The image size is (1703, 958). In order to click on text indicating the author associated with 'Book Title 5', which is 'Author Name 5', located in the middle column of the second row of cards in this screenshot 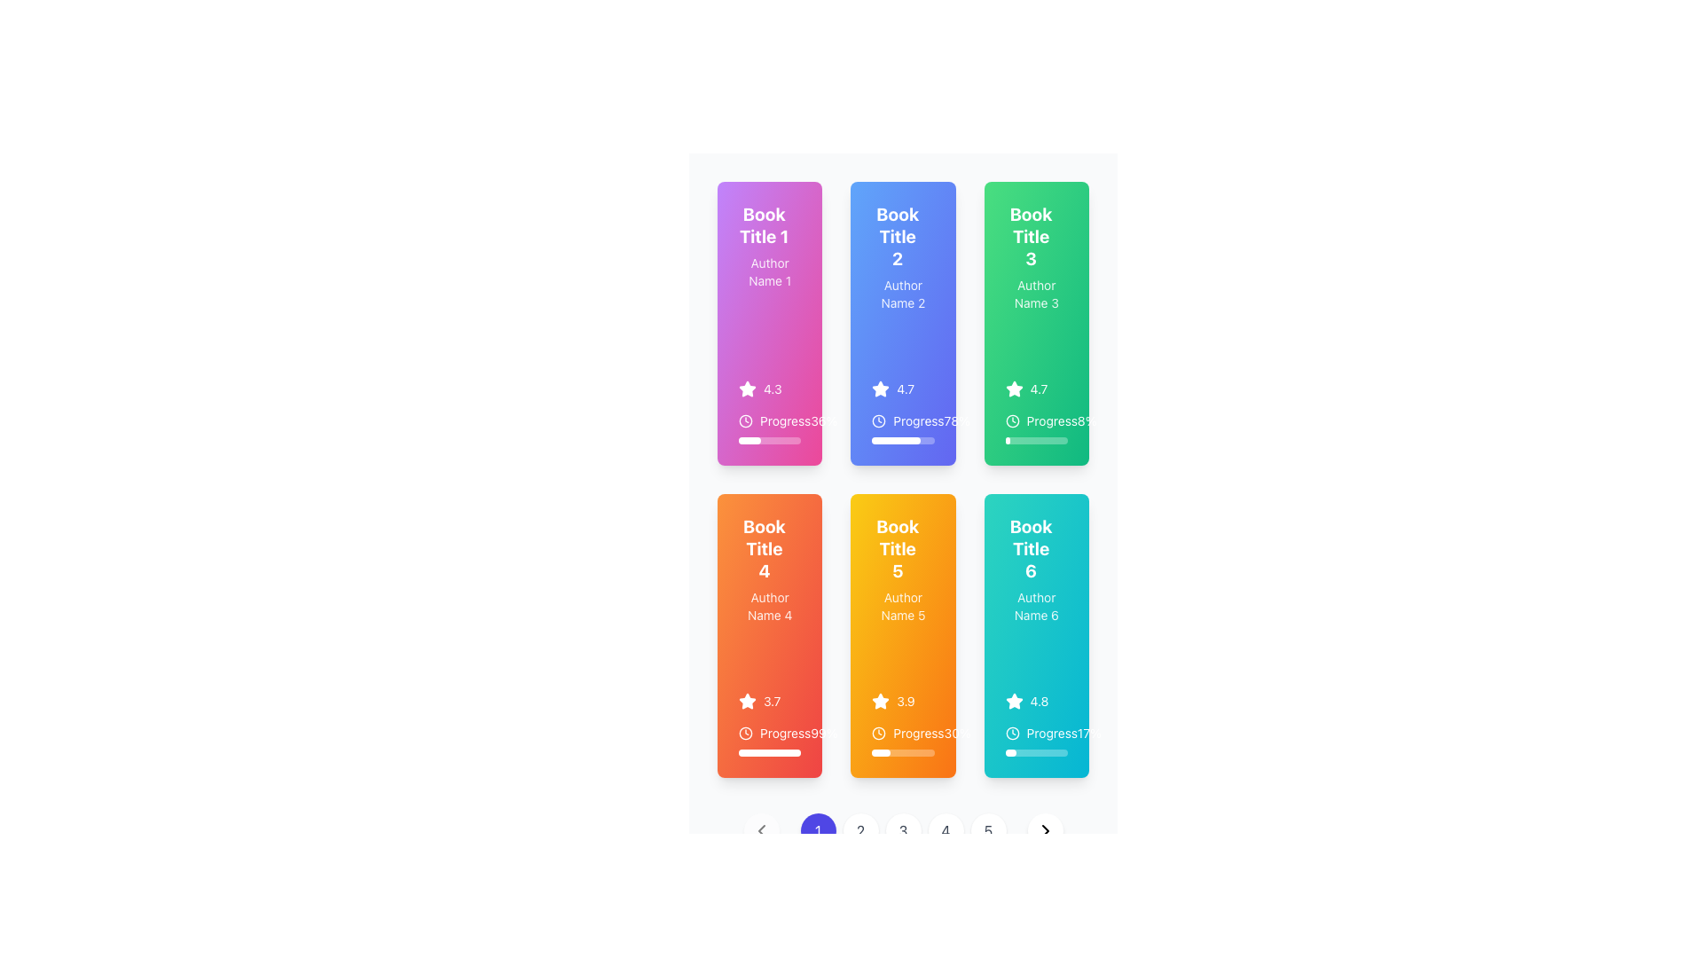, I will do `click(903, 605)`.